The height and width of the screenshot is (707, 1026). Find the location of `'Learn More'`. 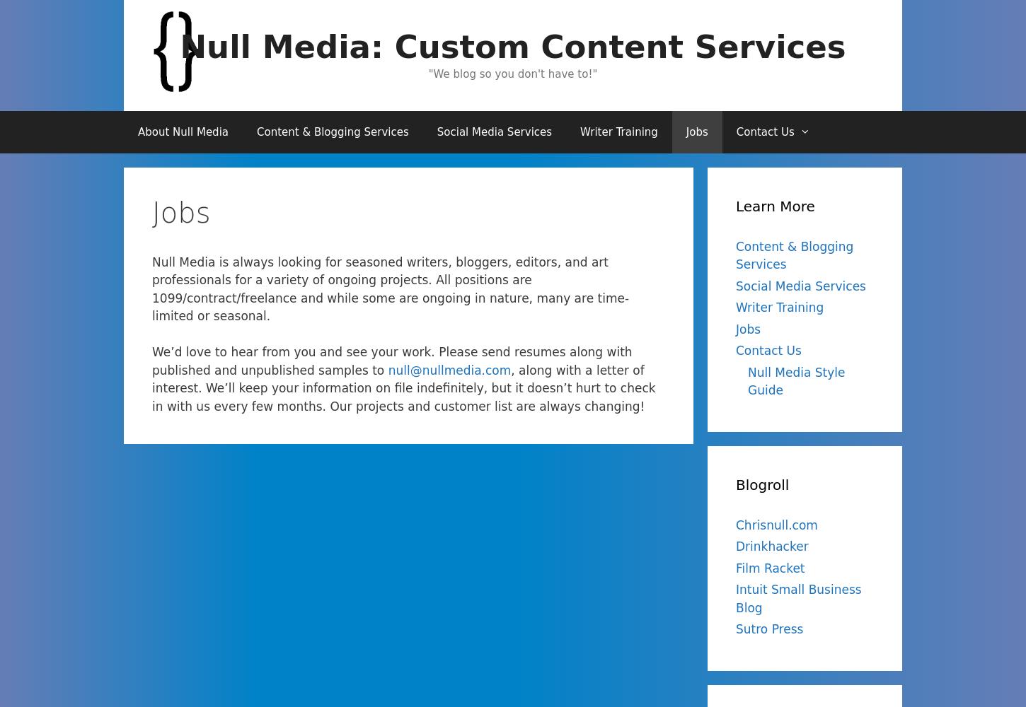

'Learn More' is located at coordinates (774, 206).